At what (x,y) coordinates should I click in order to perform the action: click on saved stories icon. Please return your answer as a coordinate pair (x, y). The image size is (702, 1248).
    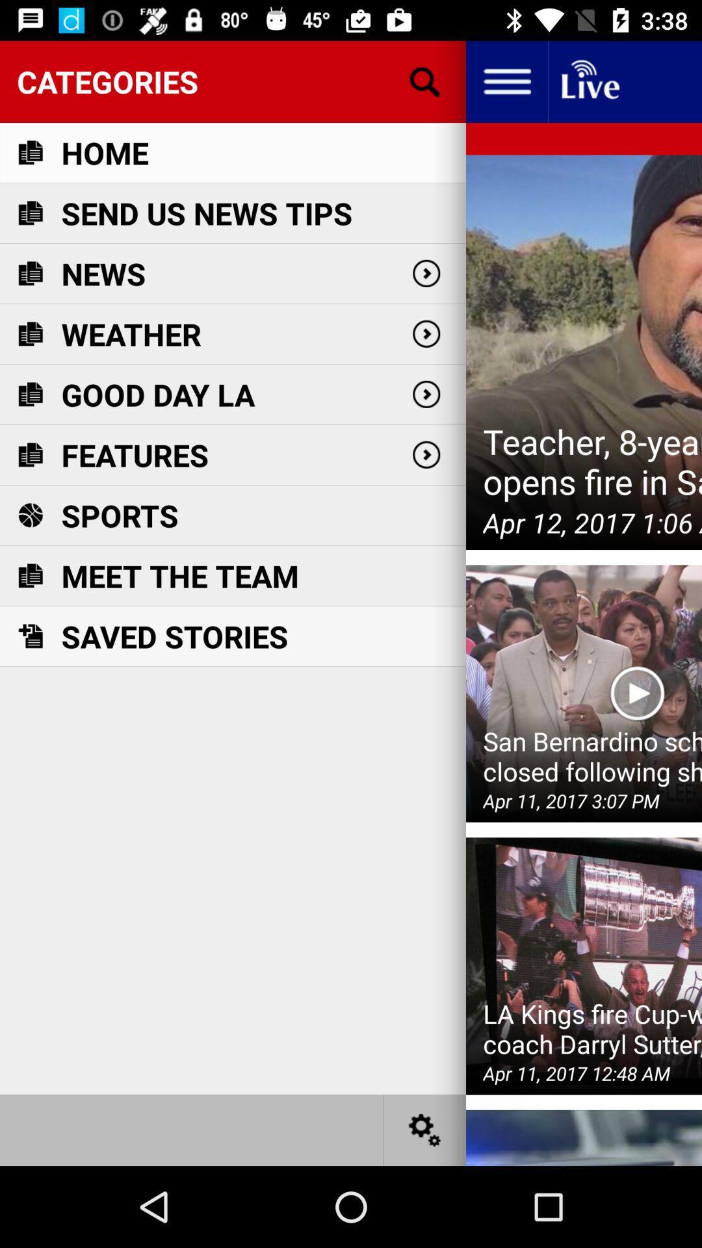
    Looking at the image, I should click on (174, 636).